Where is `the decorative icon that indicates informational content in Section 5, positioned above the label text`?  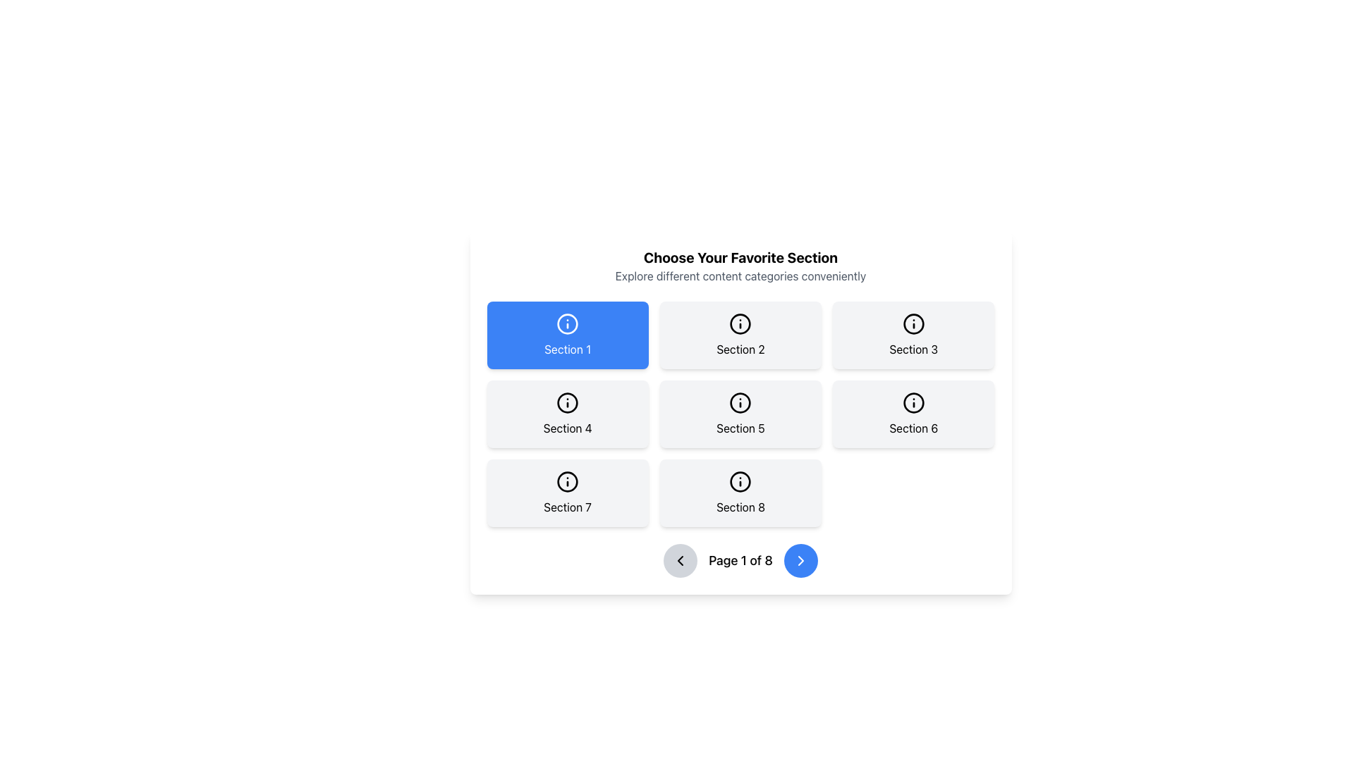 the decorative icon that indicates informational content in Section 5, positioned above the label text is located at coordinates (740, 402).